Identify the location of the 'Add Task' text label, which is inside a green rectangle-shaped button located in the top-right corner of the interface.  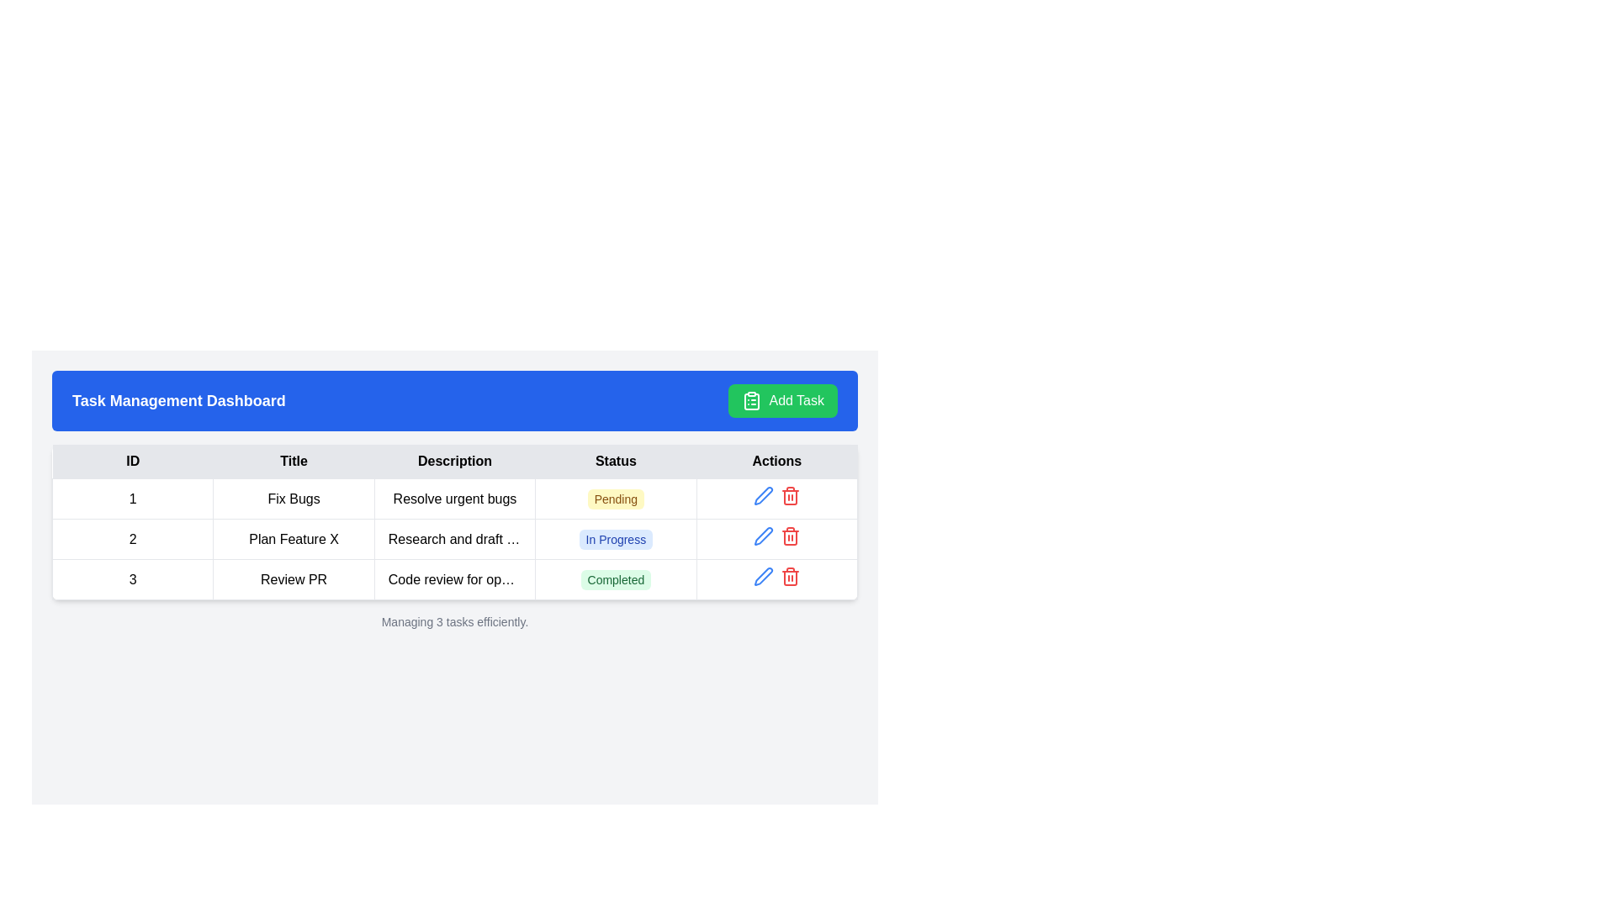
(796, 401).